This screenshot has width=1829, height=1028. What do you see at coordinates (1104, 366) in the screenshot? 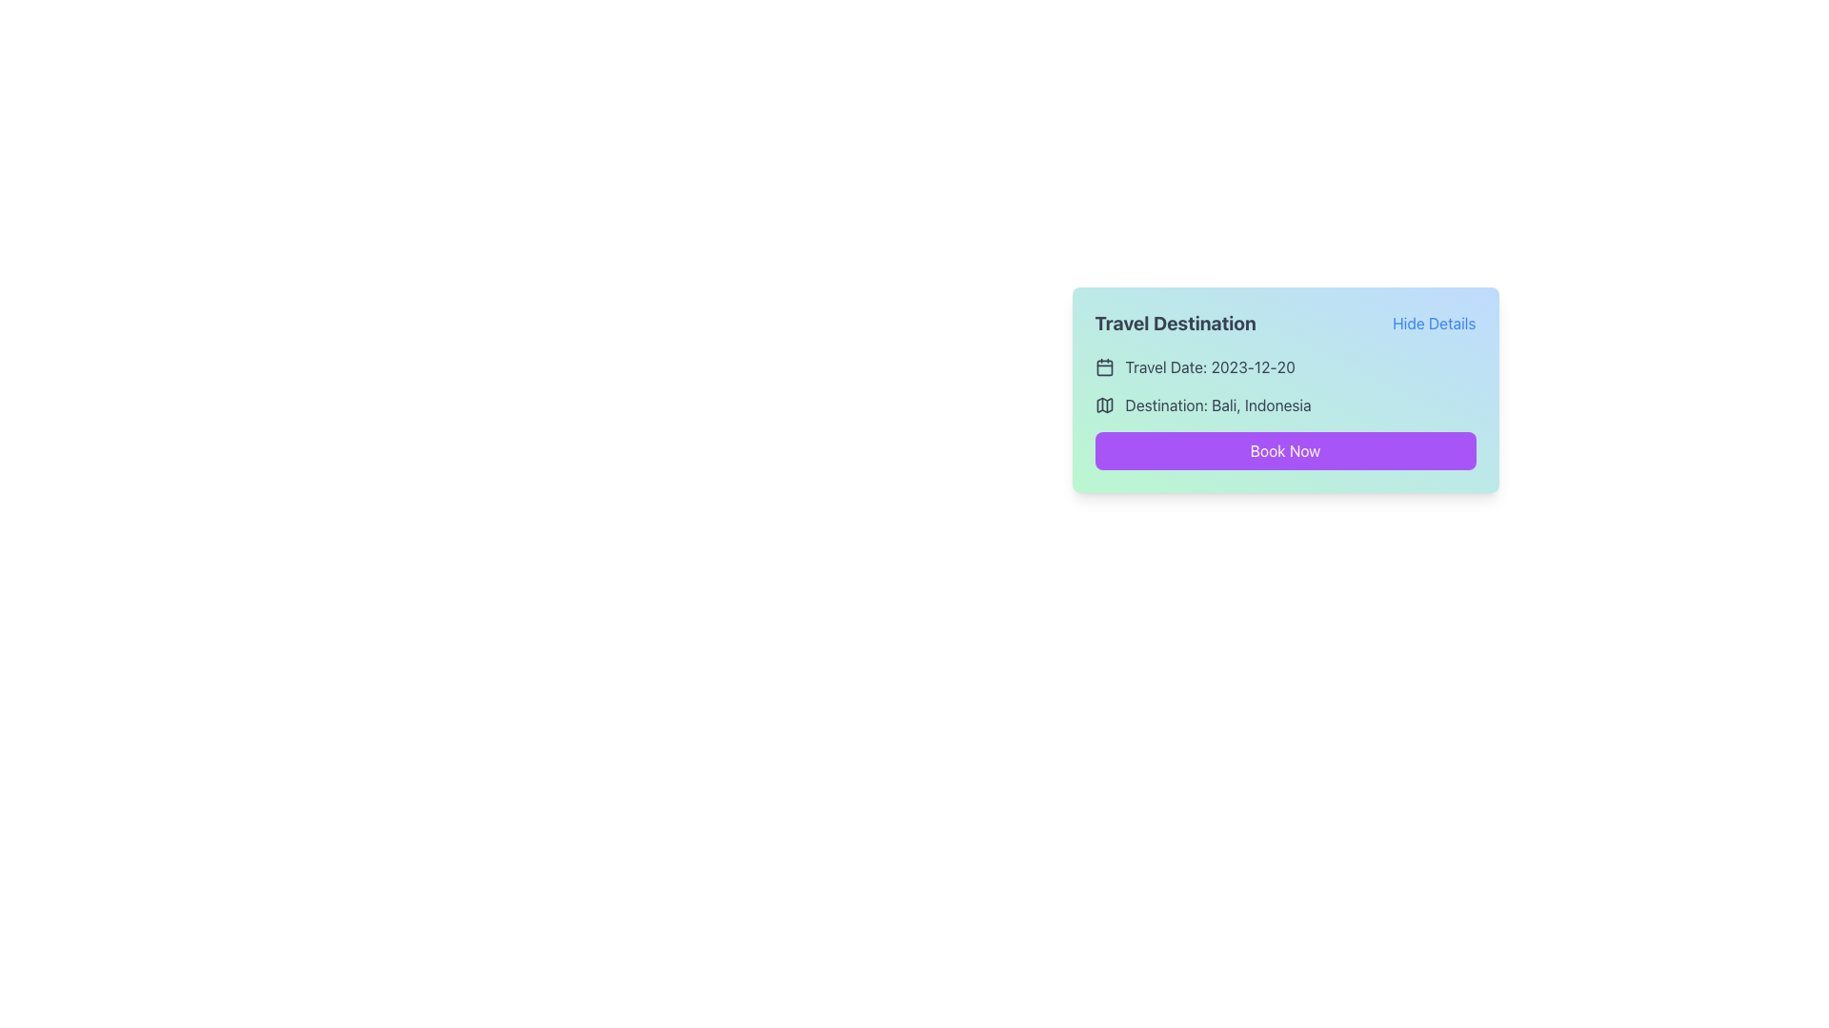
I see `the small calendar icon with rounded edges, styled in a modern, simplistic design, located to the left of the text 'Travel Date: 2023-12-20'` at bounding box center [1104, 366].